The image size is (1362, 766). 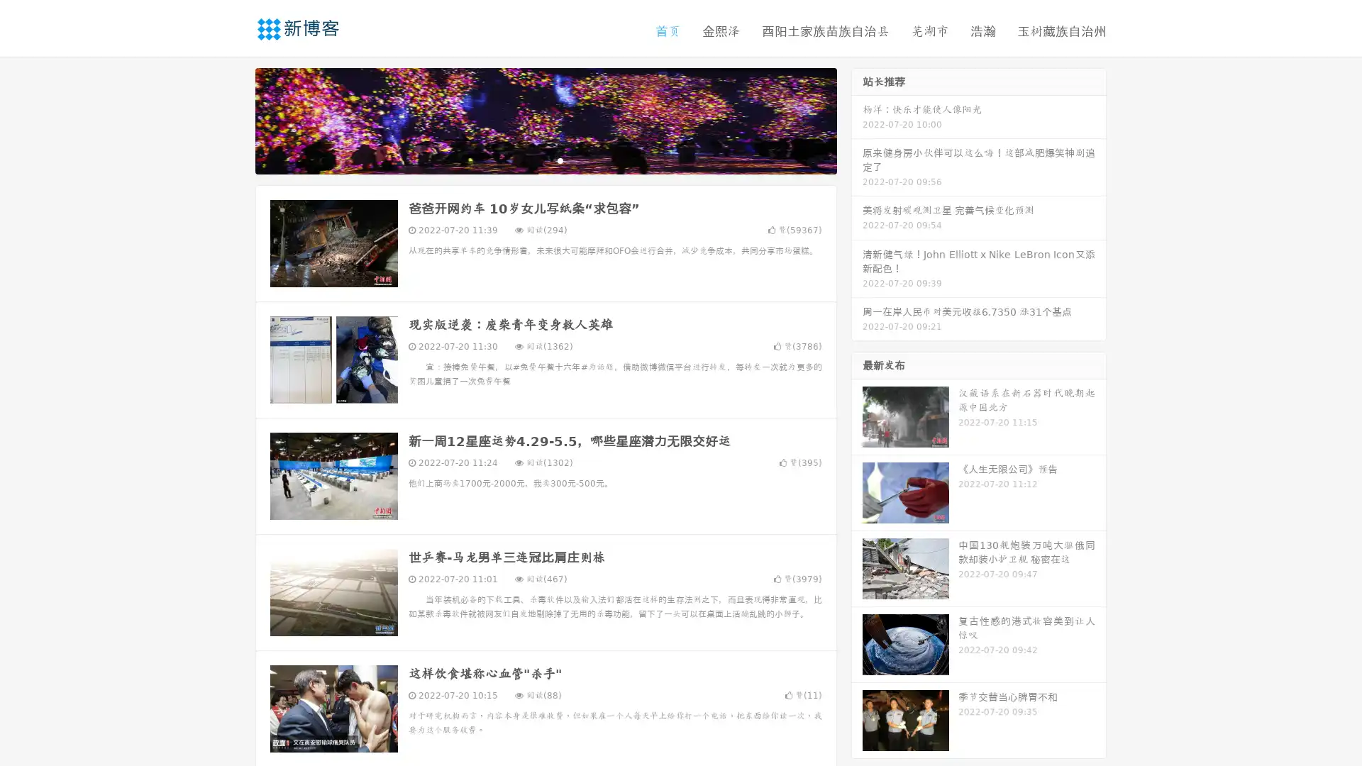 I want to click on Go to slide 3, so click(x=560, y=160).